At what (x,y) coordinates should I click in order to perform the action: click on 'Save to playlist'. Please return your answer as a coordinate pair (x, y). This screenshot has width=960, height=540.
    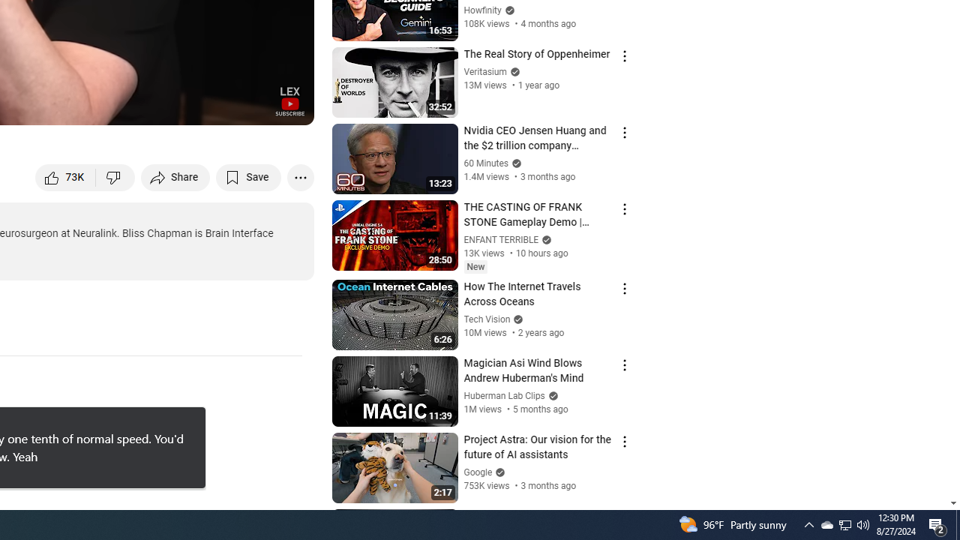
    Looking at the image, I should click on (248, 176).